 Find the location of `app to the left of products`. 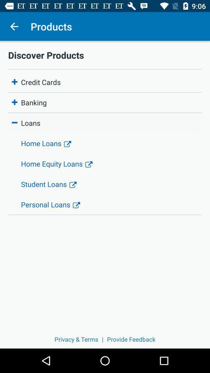

app to the left of products is located at coordinates (14, 26).